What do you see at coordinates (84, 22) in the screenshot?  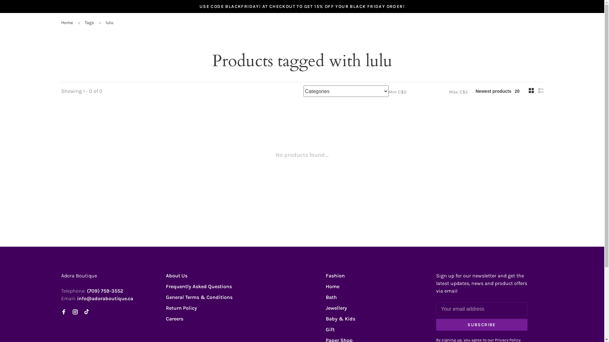 I see `'Tags'` at bounding box center [84, 22].